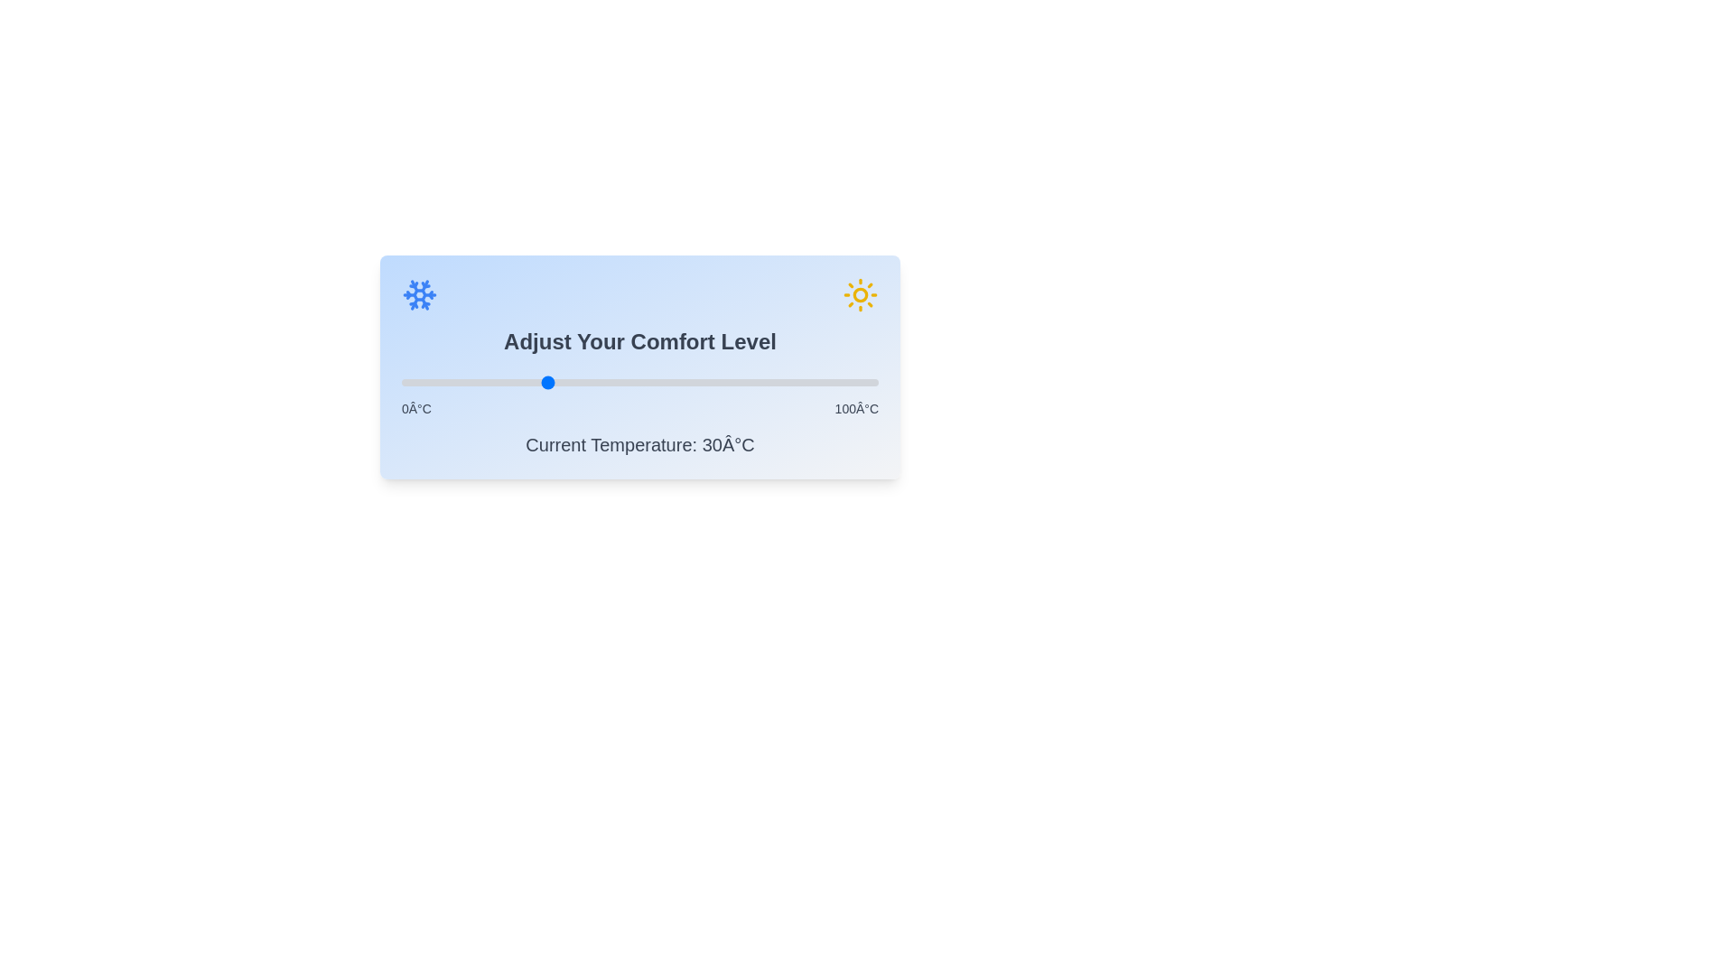 The image size is (1734, 975). Describe the element at coordinates (501, 382) in the screenshot. I see `the comfort level slider to set the temperature to 21 degrees Celsius` at that location.